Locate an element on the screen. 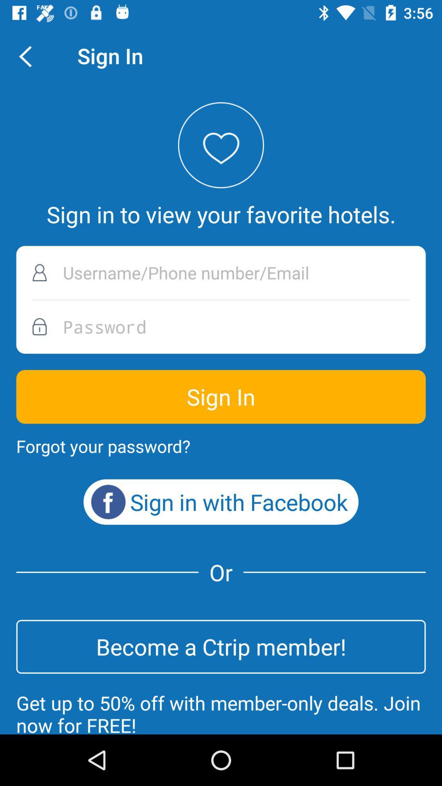 The image size is (442, 786). password is located at coordinates (221, 326).